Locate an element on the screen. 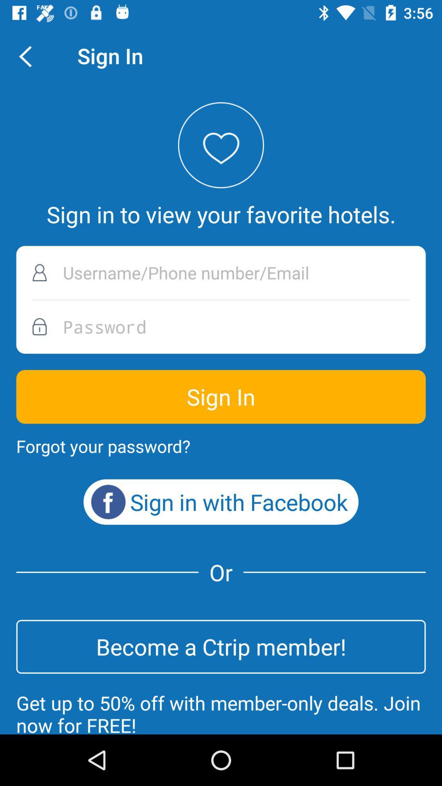 The image size is (442, 786). password is located at coordinates (221, 326).